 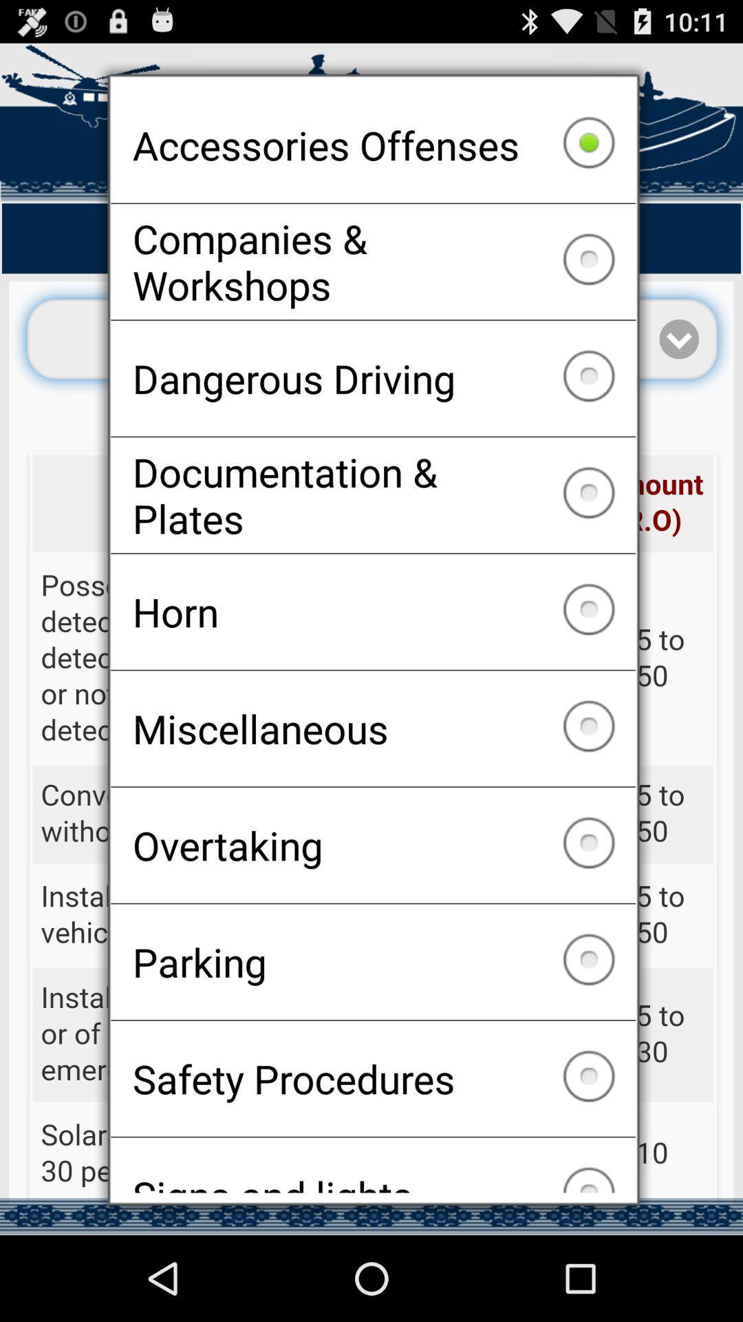 What do you see at coordinates (373, 378) in the screenshot?
I see `dangerous driving checkbox` at bounding box center [373, 378].